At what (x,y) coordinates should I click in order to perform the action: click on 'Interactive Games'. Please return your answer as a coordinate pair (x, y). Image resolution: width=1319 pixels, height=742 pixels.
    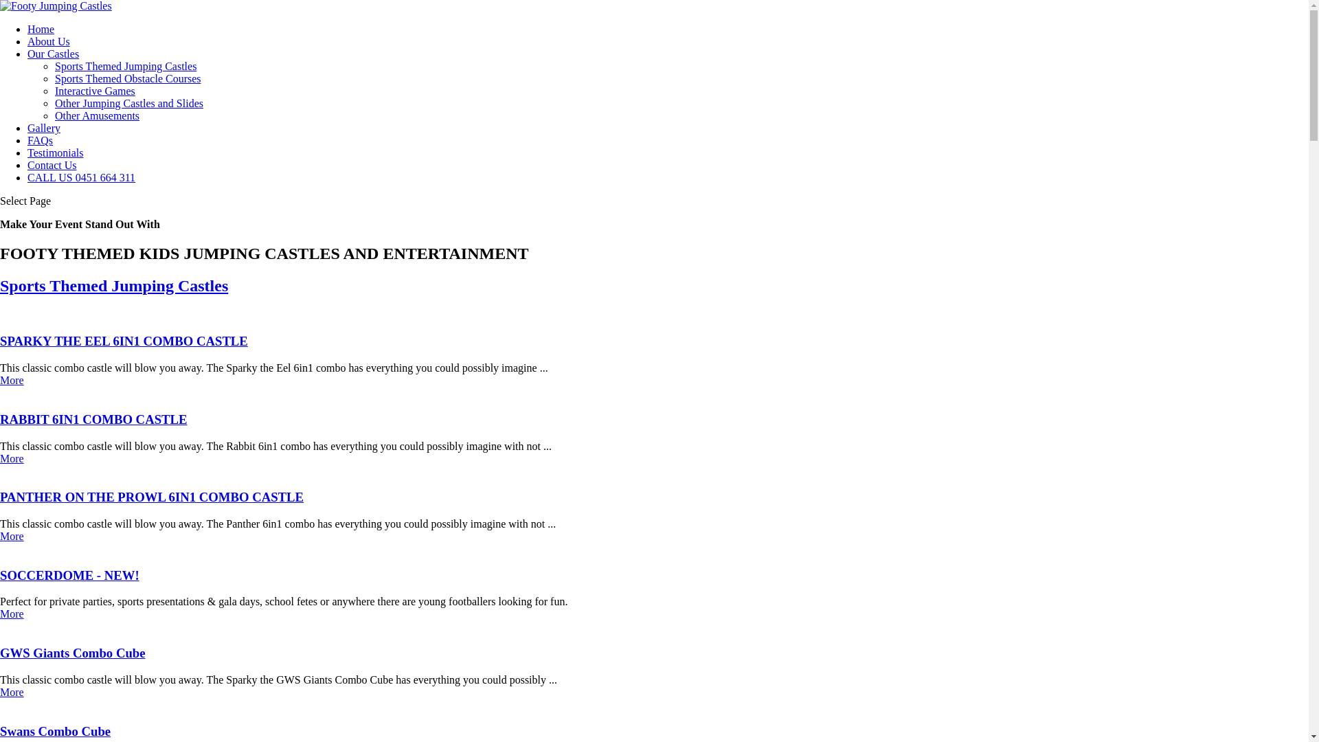
    Looking at the image, I should click on (94, 91).